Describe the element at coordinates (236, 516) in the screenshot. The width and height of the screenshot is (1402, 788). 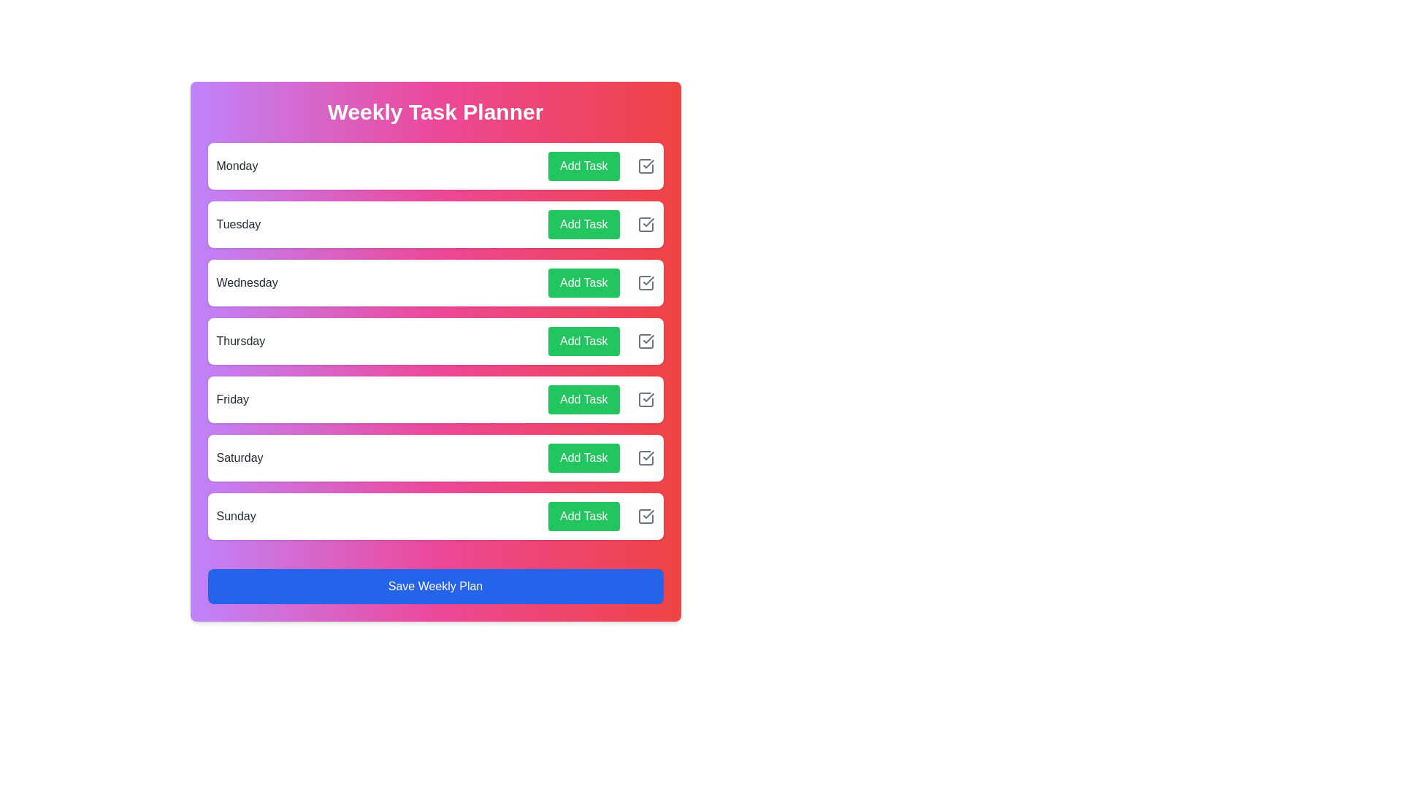
I see `the day name Sunday` at that location.